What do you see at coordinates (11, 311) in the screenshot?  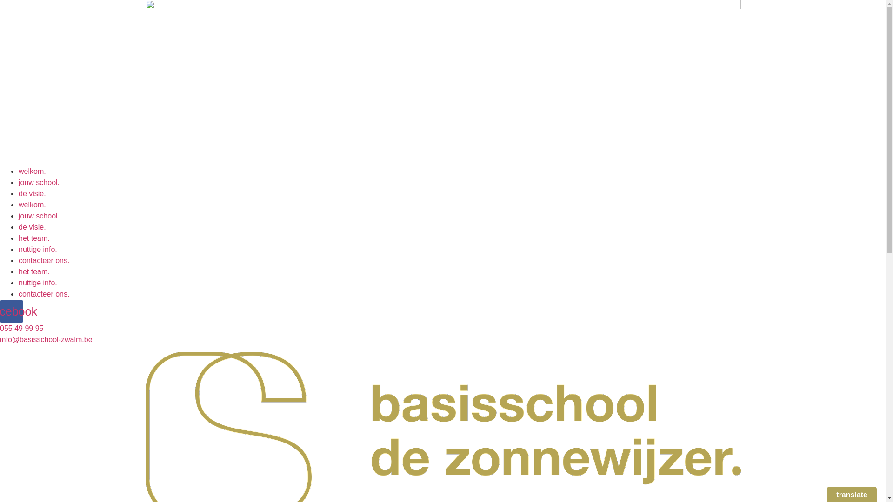 I see `'Facebook'` at bounding box center [11, 311].